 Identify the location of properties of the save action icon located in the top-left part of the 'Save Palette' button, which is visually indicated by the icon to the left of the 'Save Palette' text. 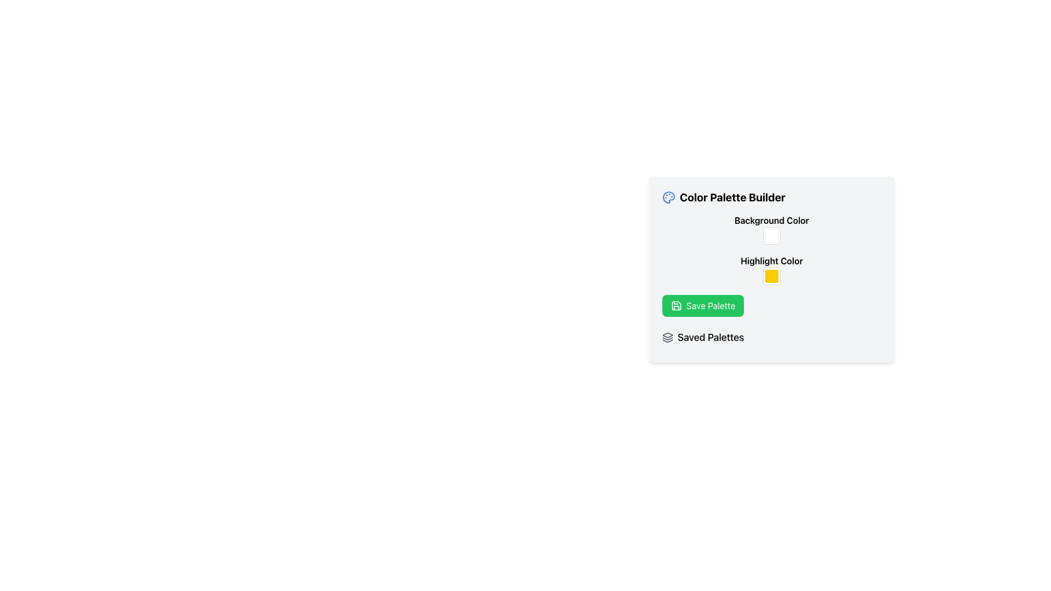
(676, 306).